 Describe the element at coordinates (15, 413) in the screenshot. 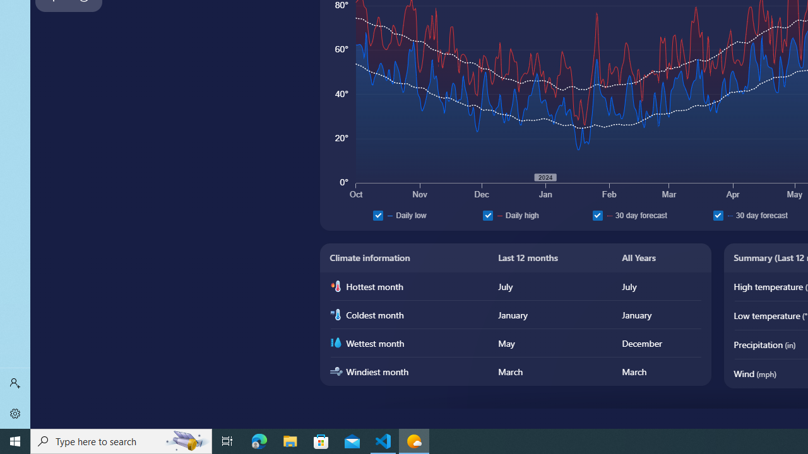

I see `'Settings'` at that location.